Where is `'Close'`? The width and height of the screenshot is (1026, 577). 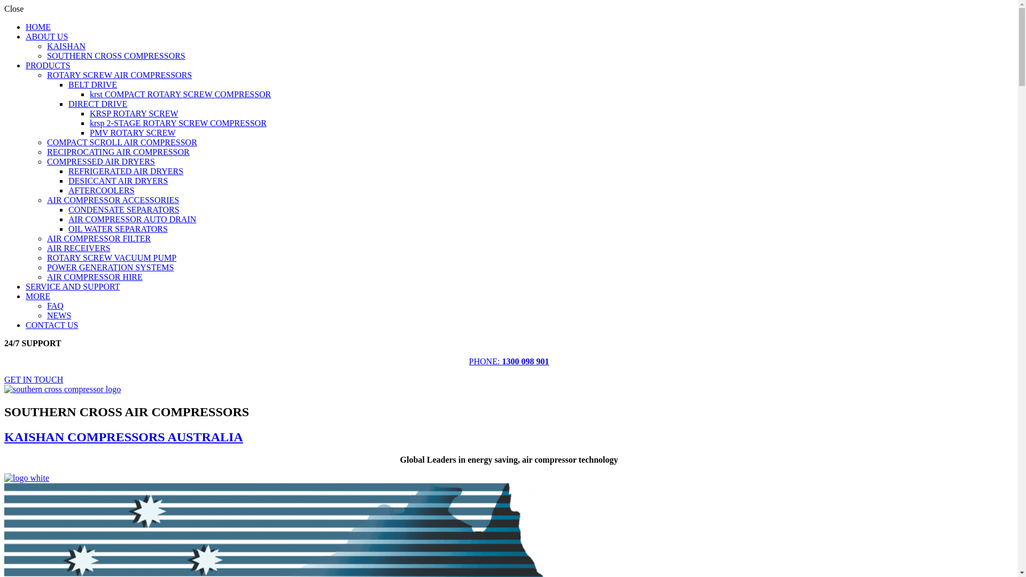
'Close' is located at coordinates (13, 9).